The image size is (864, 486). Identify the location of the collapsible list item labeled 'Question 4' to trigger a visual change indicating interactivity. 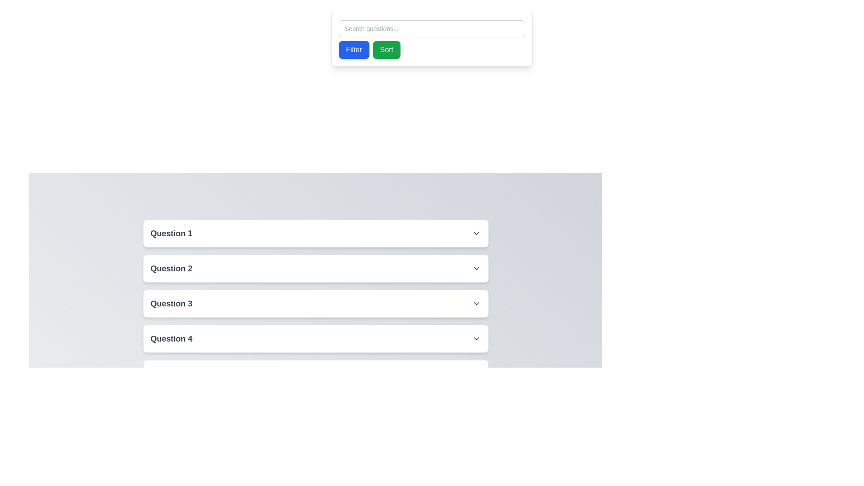
(315, 338).